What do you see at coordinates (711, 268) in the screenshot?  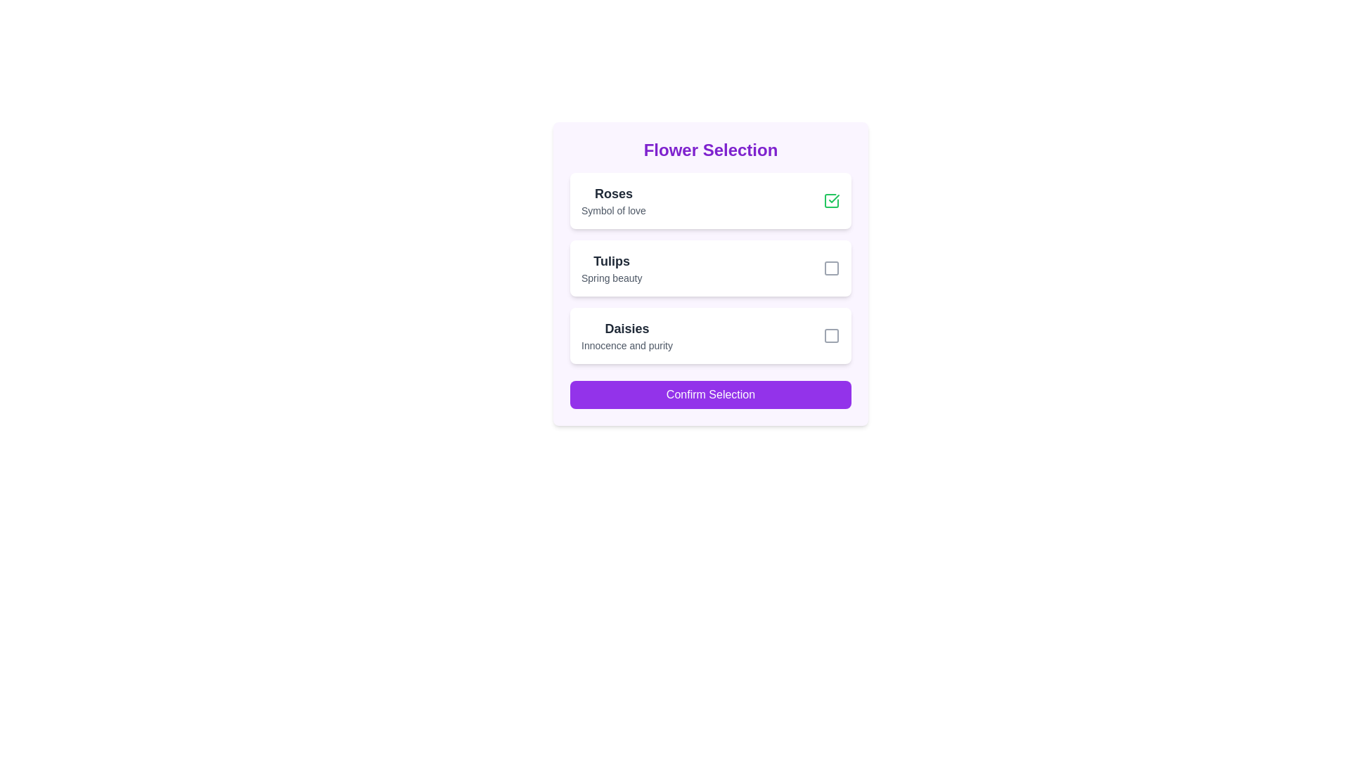 I see `the 'Tulips' option box` at bounding box center [711, 268].